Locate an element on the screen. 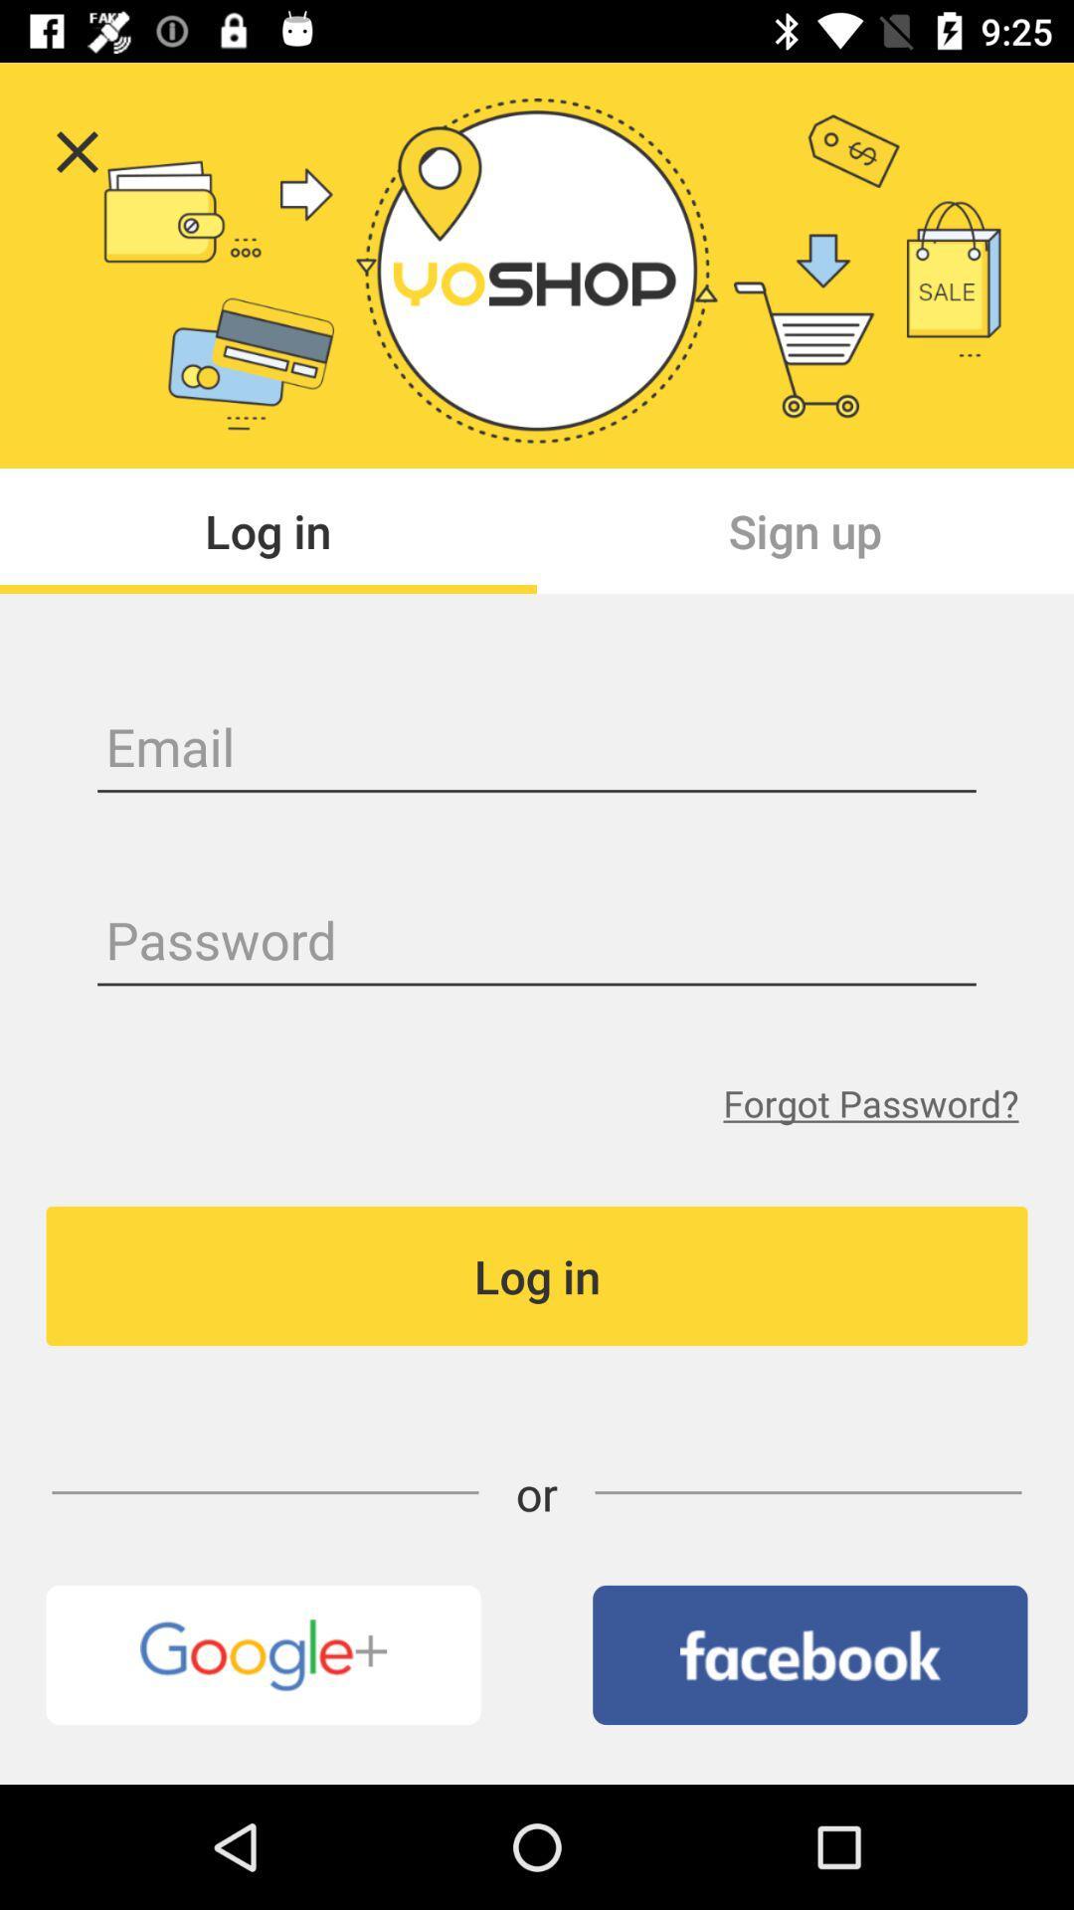 The width and height of the screenshot is (1074, 1910). the close icon is located at coordinates (76, 151).